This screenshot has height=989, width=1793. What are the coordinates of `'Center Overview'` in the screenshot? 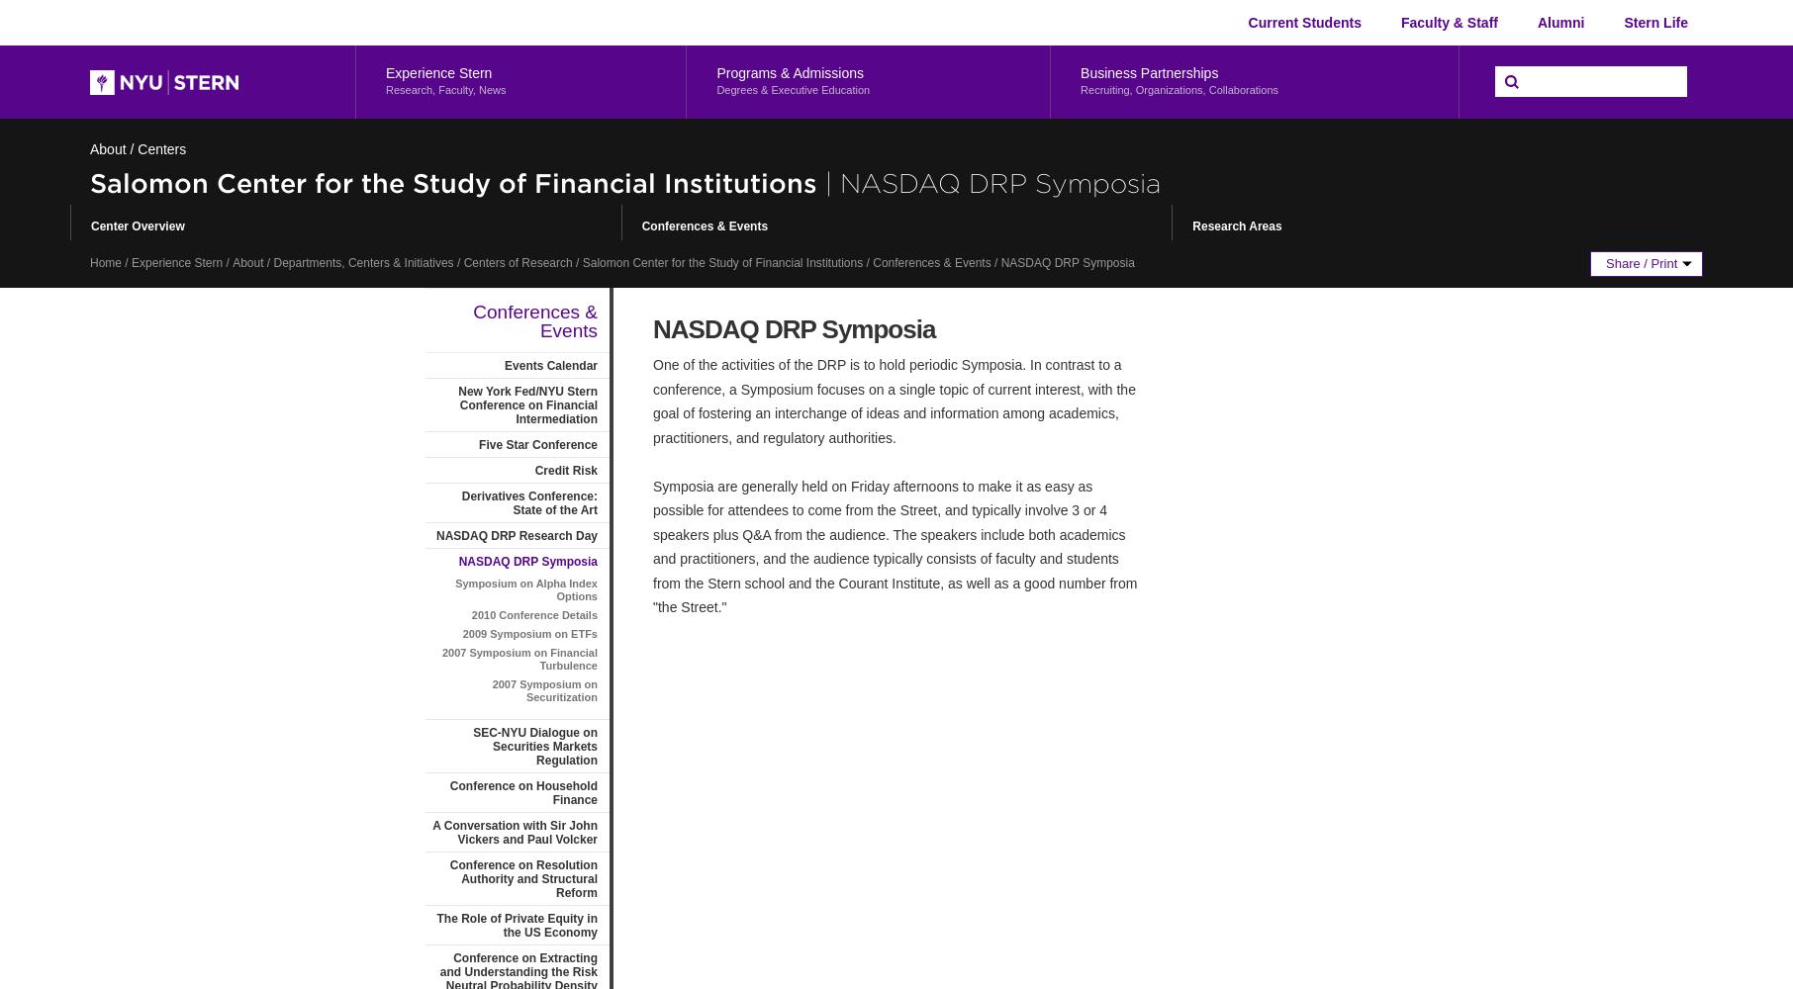 It's located at (136, 225).